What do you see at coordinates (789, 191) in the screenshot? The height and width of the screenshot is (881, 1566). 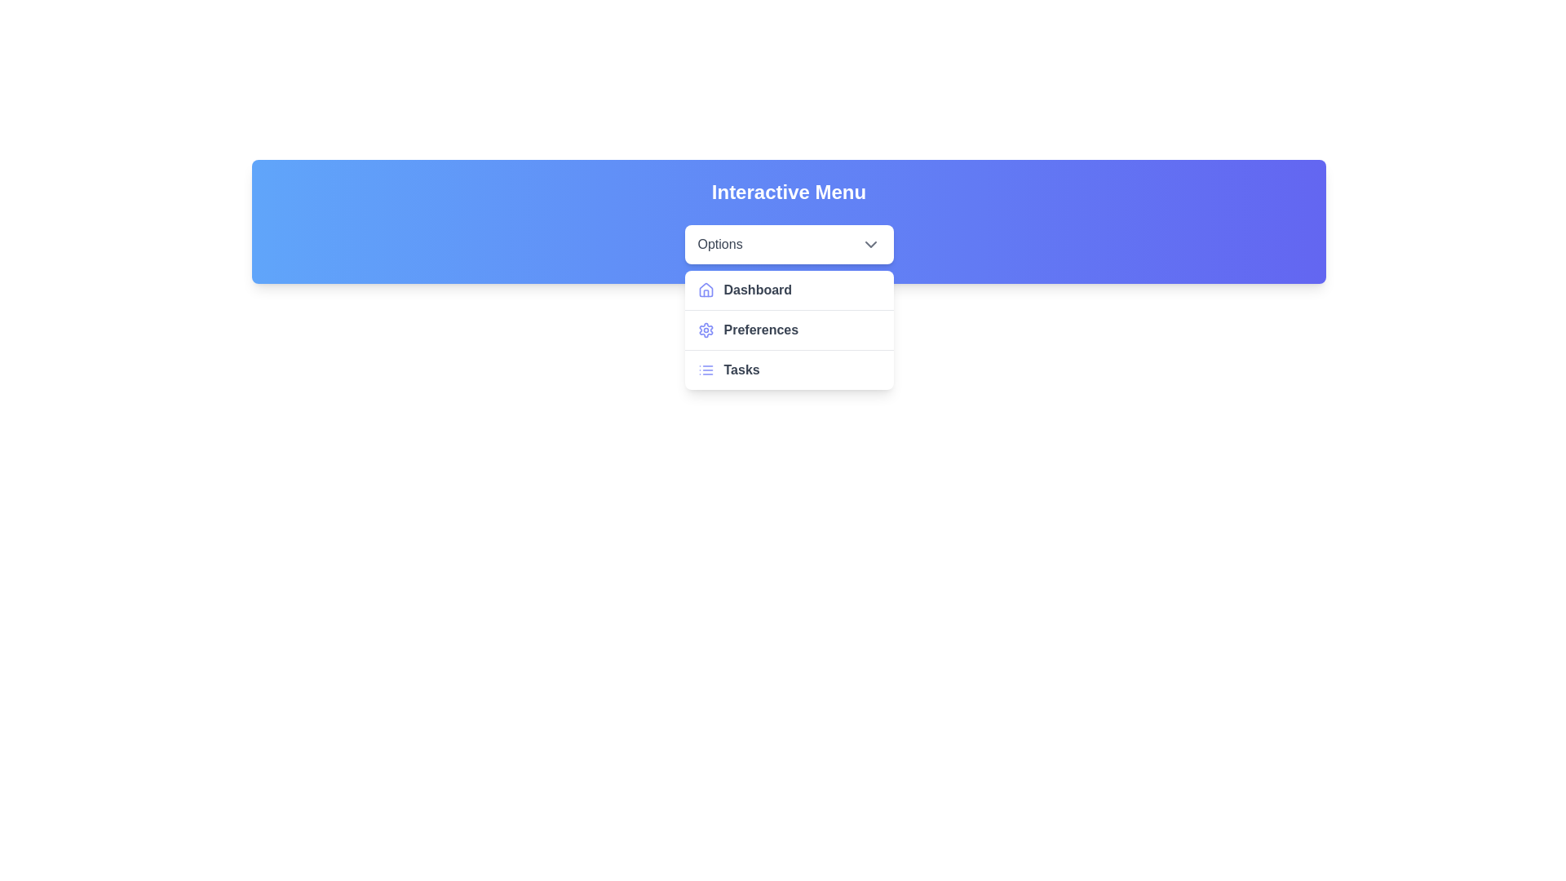 I see `the textual component displaying 'Interactive Menu' in a bold, large font, centrally positioned at the top of the header bar` at bounding box center [789, 191].